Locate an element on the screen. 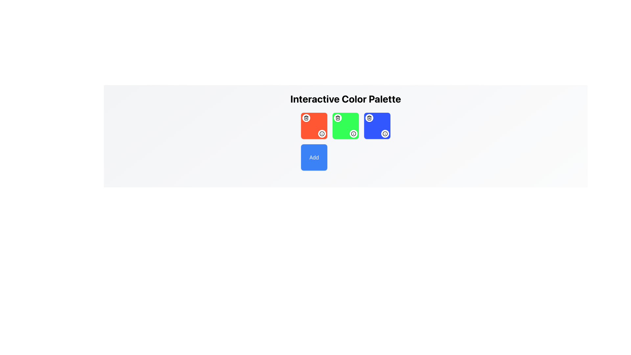  the Decorative SVG graphical element located at the bottom-right corner of the blue square icon in the 'Interactive Color Palette' section is located at coordinates (353, 133).